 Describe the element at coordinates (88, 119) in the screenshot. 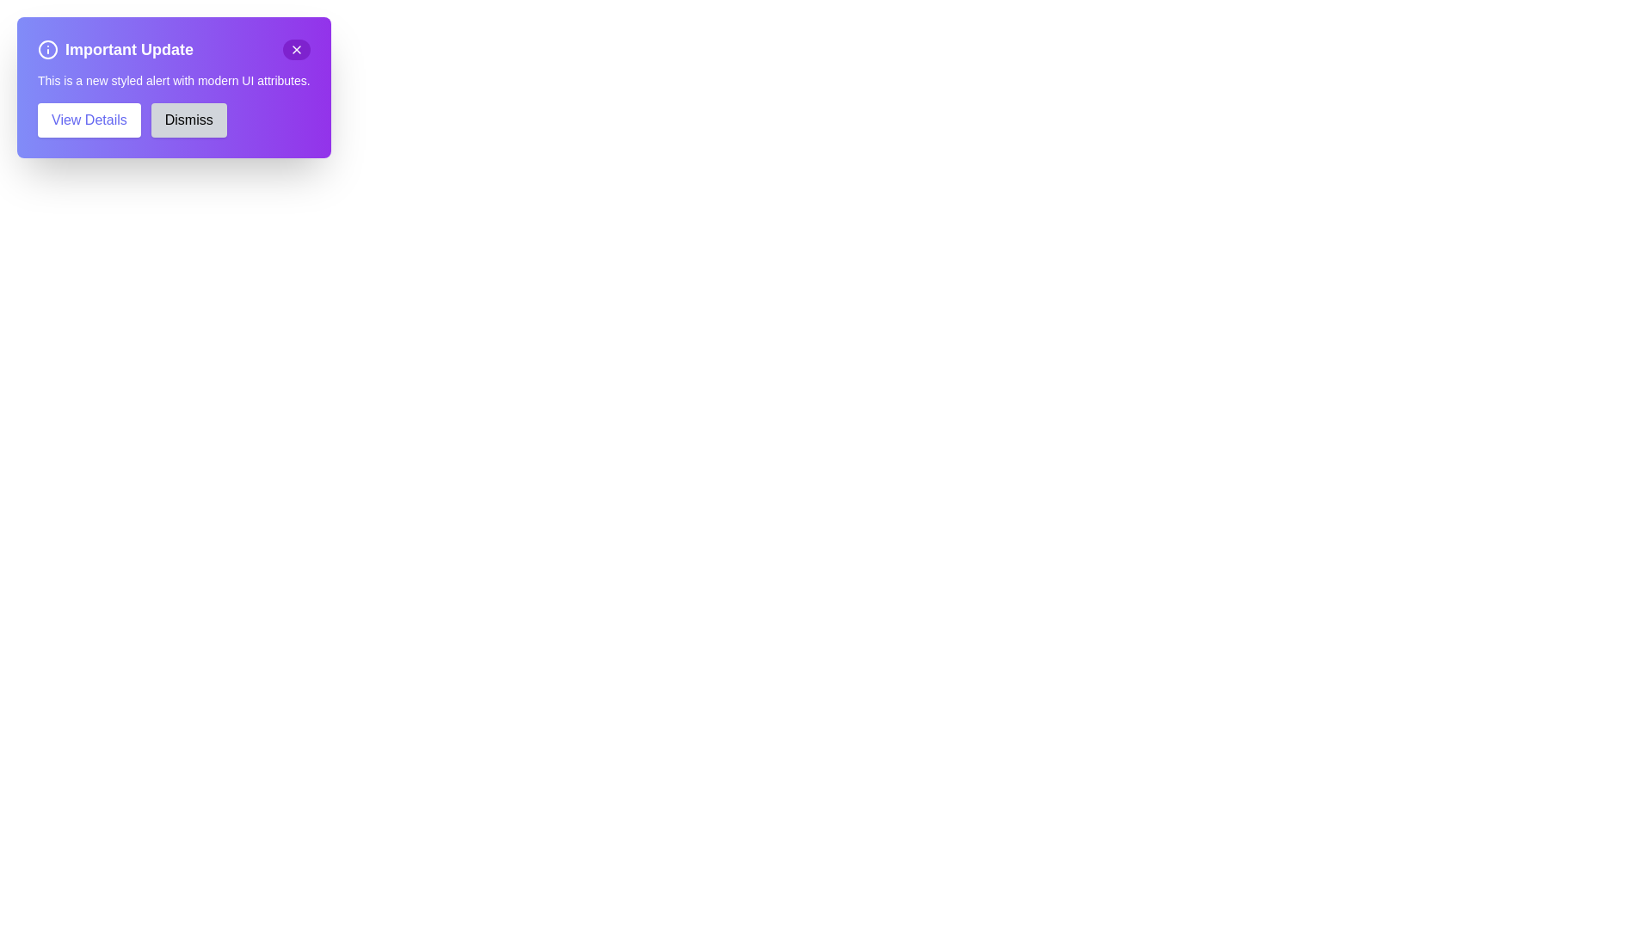

I see `the 'View Details' button to trigger the details alert` at that location.